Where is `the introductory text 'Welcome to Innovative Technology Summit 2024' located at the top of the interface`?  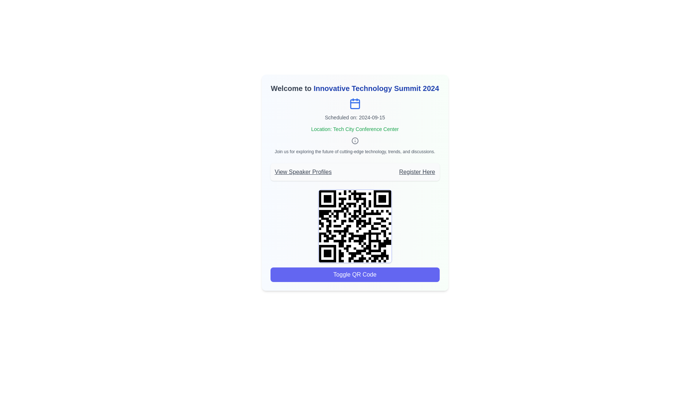 the introductory text 'Welcome to Innovative Technology Summit 2024' located at the top of the interface is located at coordinates (291, 88).